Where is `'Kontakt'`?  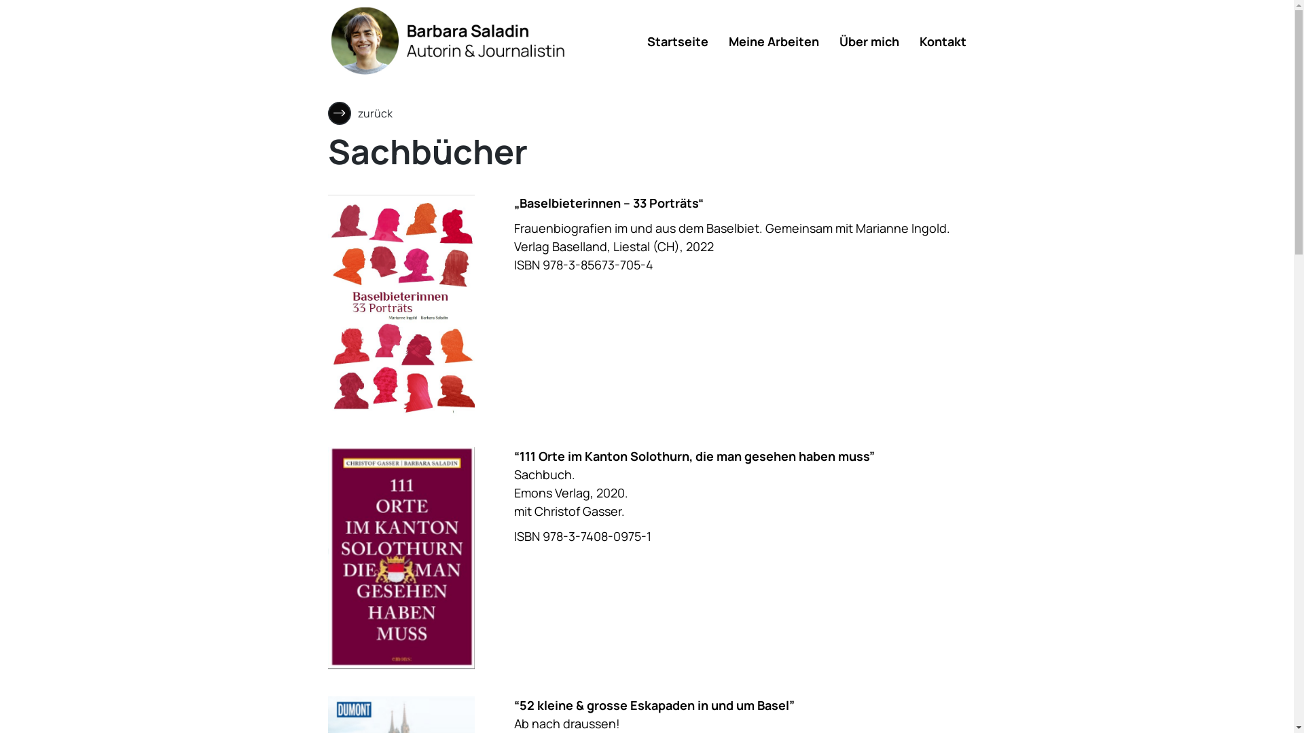
'Kontakt' is located at coordinates (942, 41).